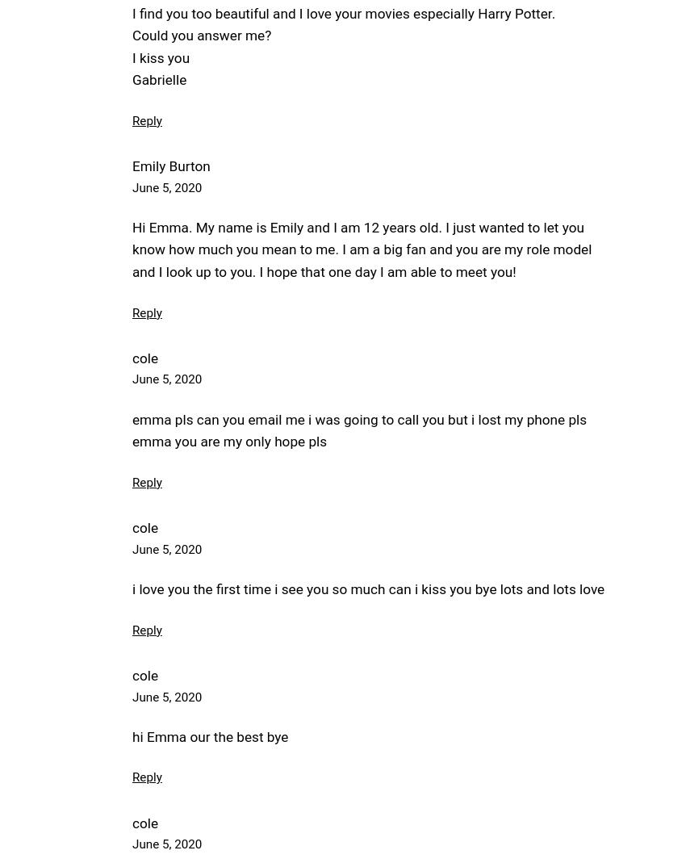 The width and height of the screenshot is (686, 867). What do you see at coordinates (343, 12) in the screenshot?
I see `'I find you too beautiful and I love your movies especially Harry Potter.'` at bounding box center [343, 12].